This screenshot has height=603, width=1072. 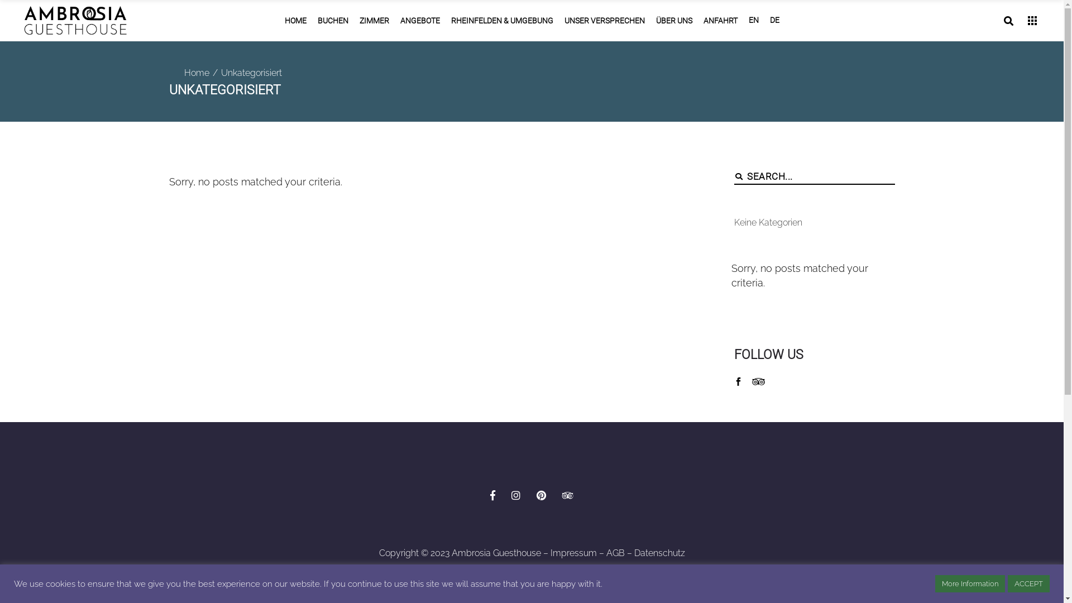 What do you see at coordinates (374, 21) in the screenshot?
I see `'ZIMMER'` at bounding box center [374, 21].